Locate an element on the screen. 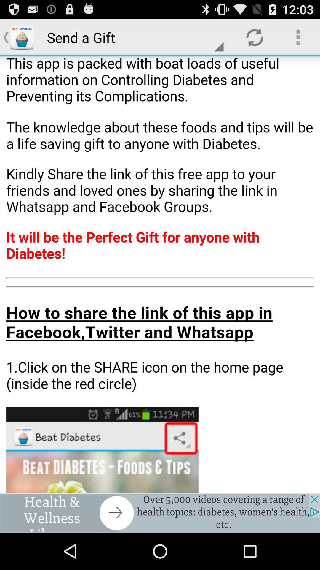 The width and height of the screenshot is (320, 570). send a gift page is located at coordinates (160, 274).